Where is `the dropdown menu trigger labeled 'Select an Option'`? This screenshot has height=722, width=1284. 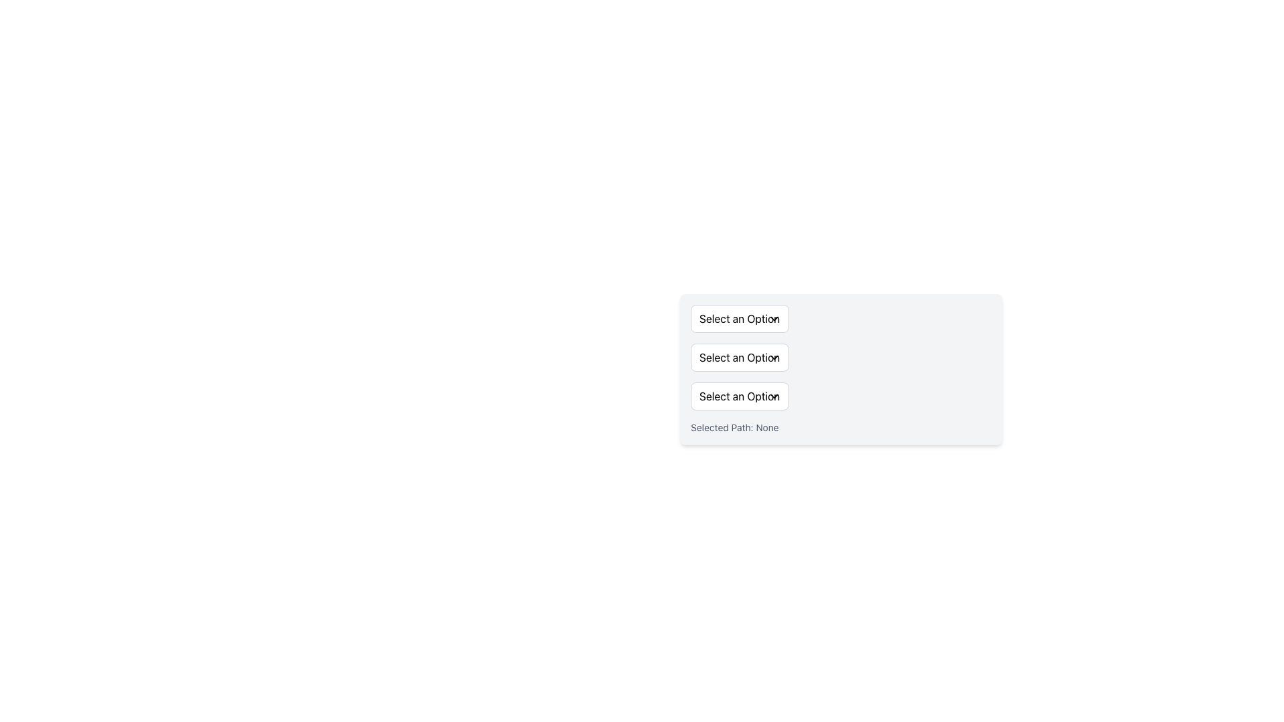 the dropdown menu trigger labeled 'Select an Option' is located at coordinates (739, 396).